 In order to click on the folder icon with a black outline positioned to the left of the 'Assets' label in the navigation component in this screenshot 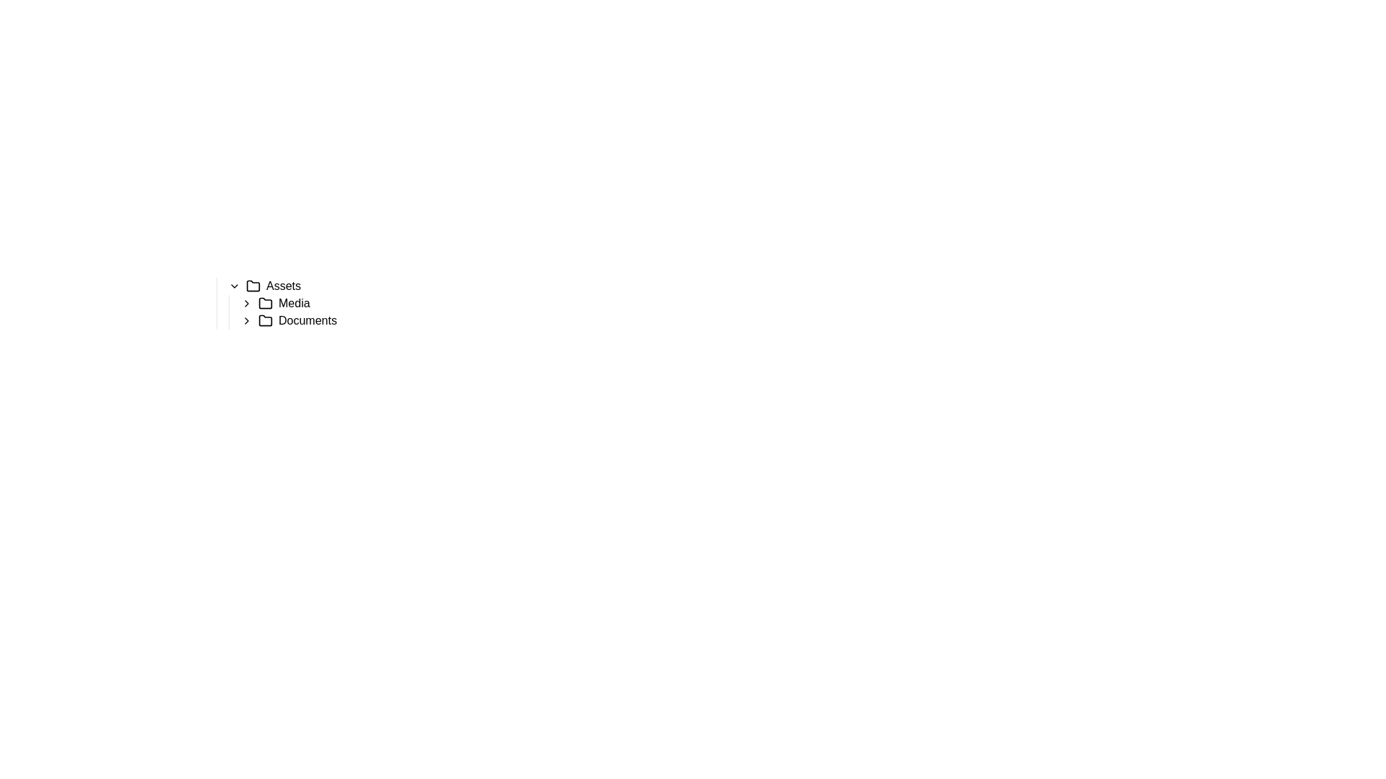, I will do `click(253, 286)`.